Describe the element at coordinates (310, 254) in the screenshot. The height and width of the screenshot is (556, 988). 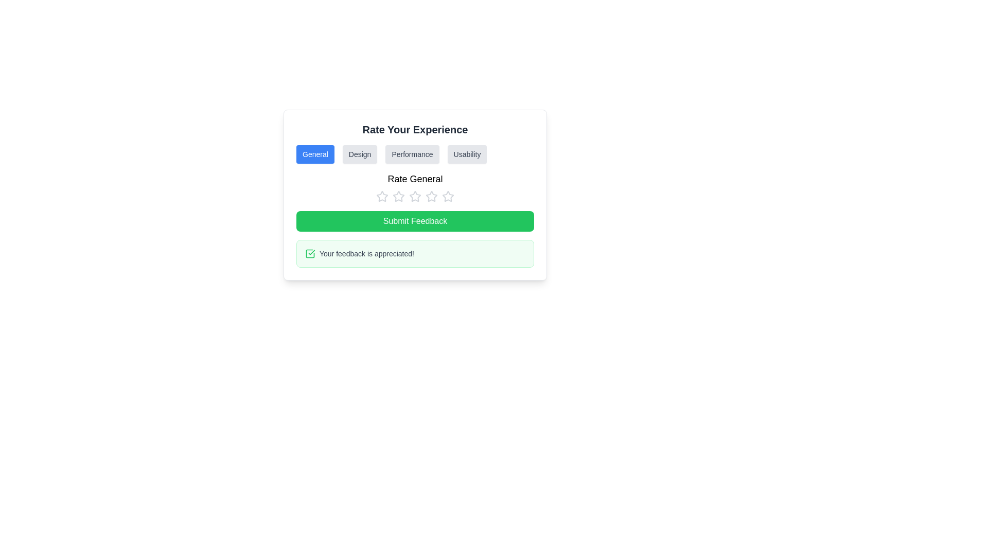
I see `the green-bordered square icon with a checkmark, which is located at the start of the notification box preceding the text 'Your feedback is appreciated!'` at that location.